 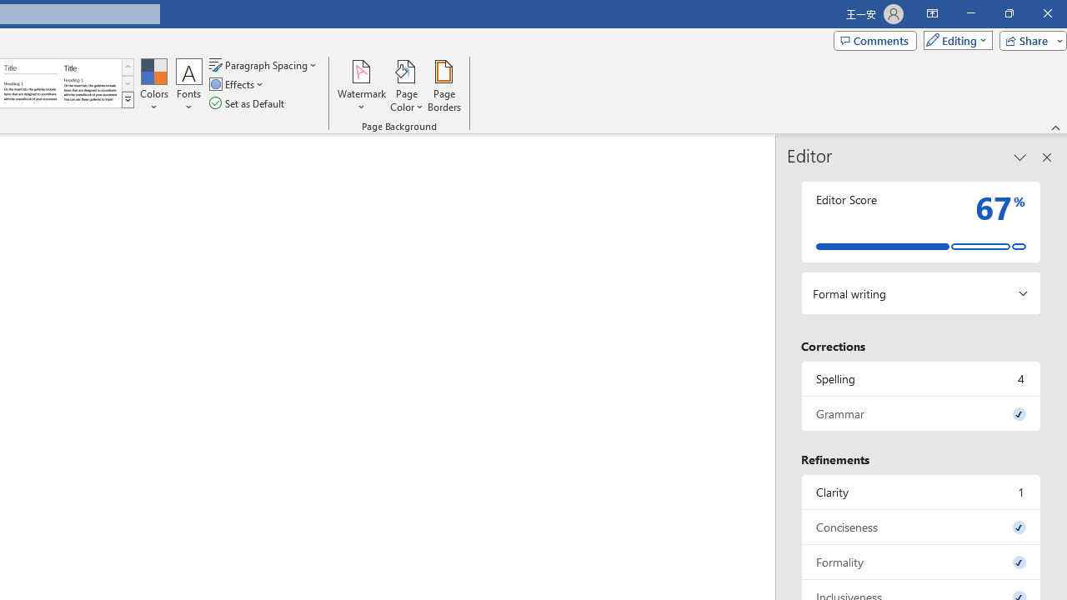 What do you see at coordinates (248, 103) in the screenshot?
I see `'Set as Default'` at bounding box center [248, 103].